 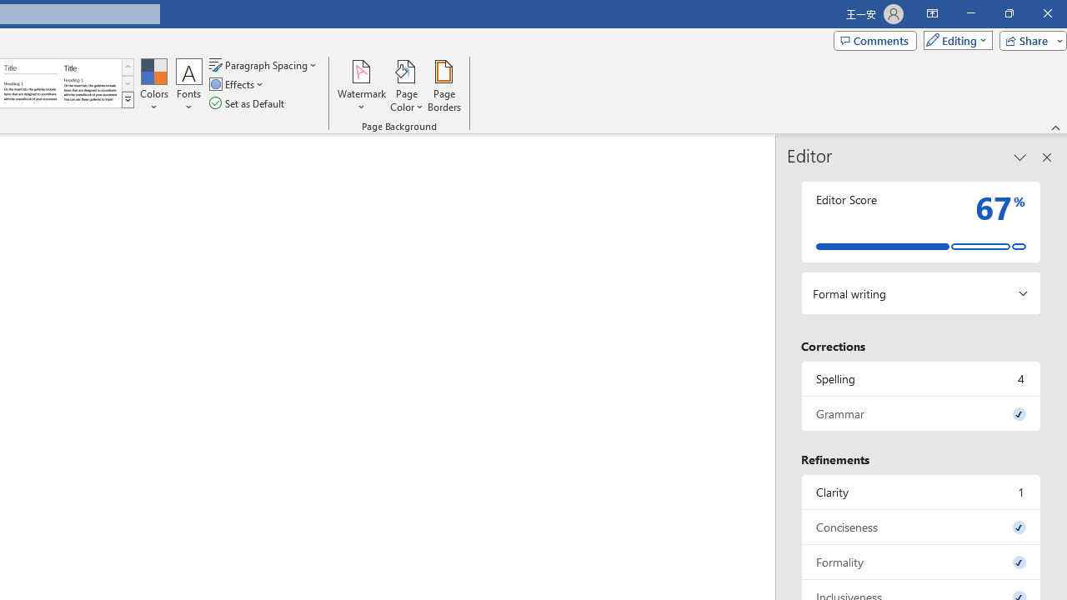 What do you see at coordinates (248, 103) in the screenshot?
I see `'Set as Default'` at bounding box center [248, 103].